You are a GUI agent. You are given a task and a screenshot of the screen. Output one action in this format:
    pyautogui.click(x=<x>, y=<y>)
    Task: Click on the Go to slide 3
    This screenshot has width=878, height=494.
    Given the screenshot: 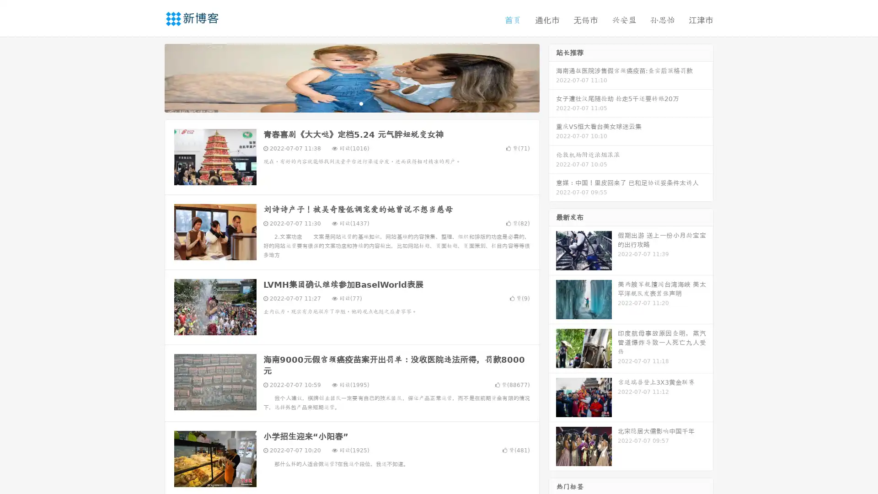 What is the action you would take?
    pyautogui.click(x=361, y=103)
    